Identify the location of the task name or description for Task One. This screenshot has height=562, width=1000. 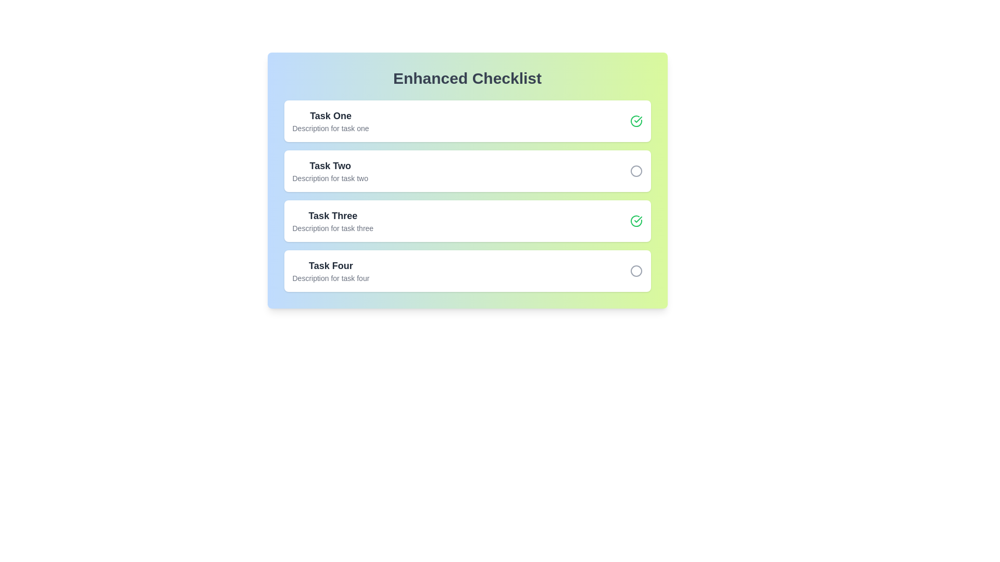
(330, 116).